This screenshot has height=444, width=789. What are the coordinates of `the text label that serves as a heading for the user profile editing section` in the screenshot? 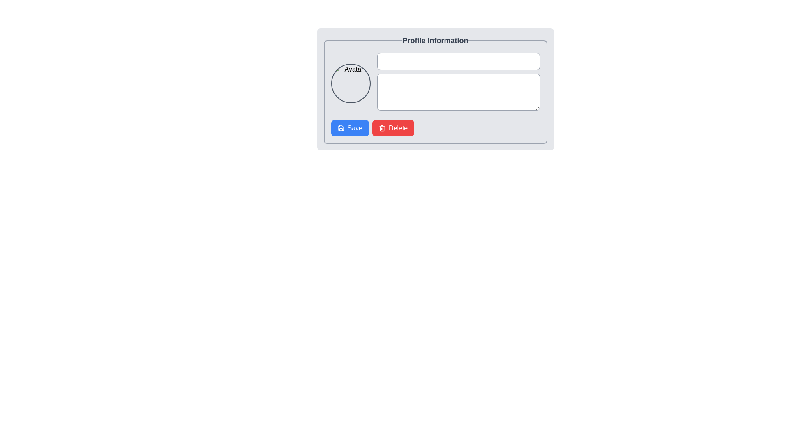 It's located at (435, 41).